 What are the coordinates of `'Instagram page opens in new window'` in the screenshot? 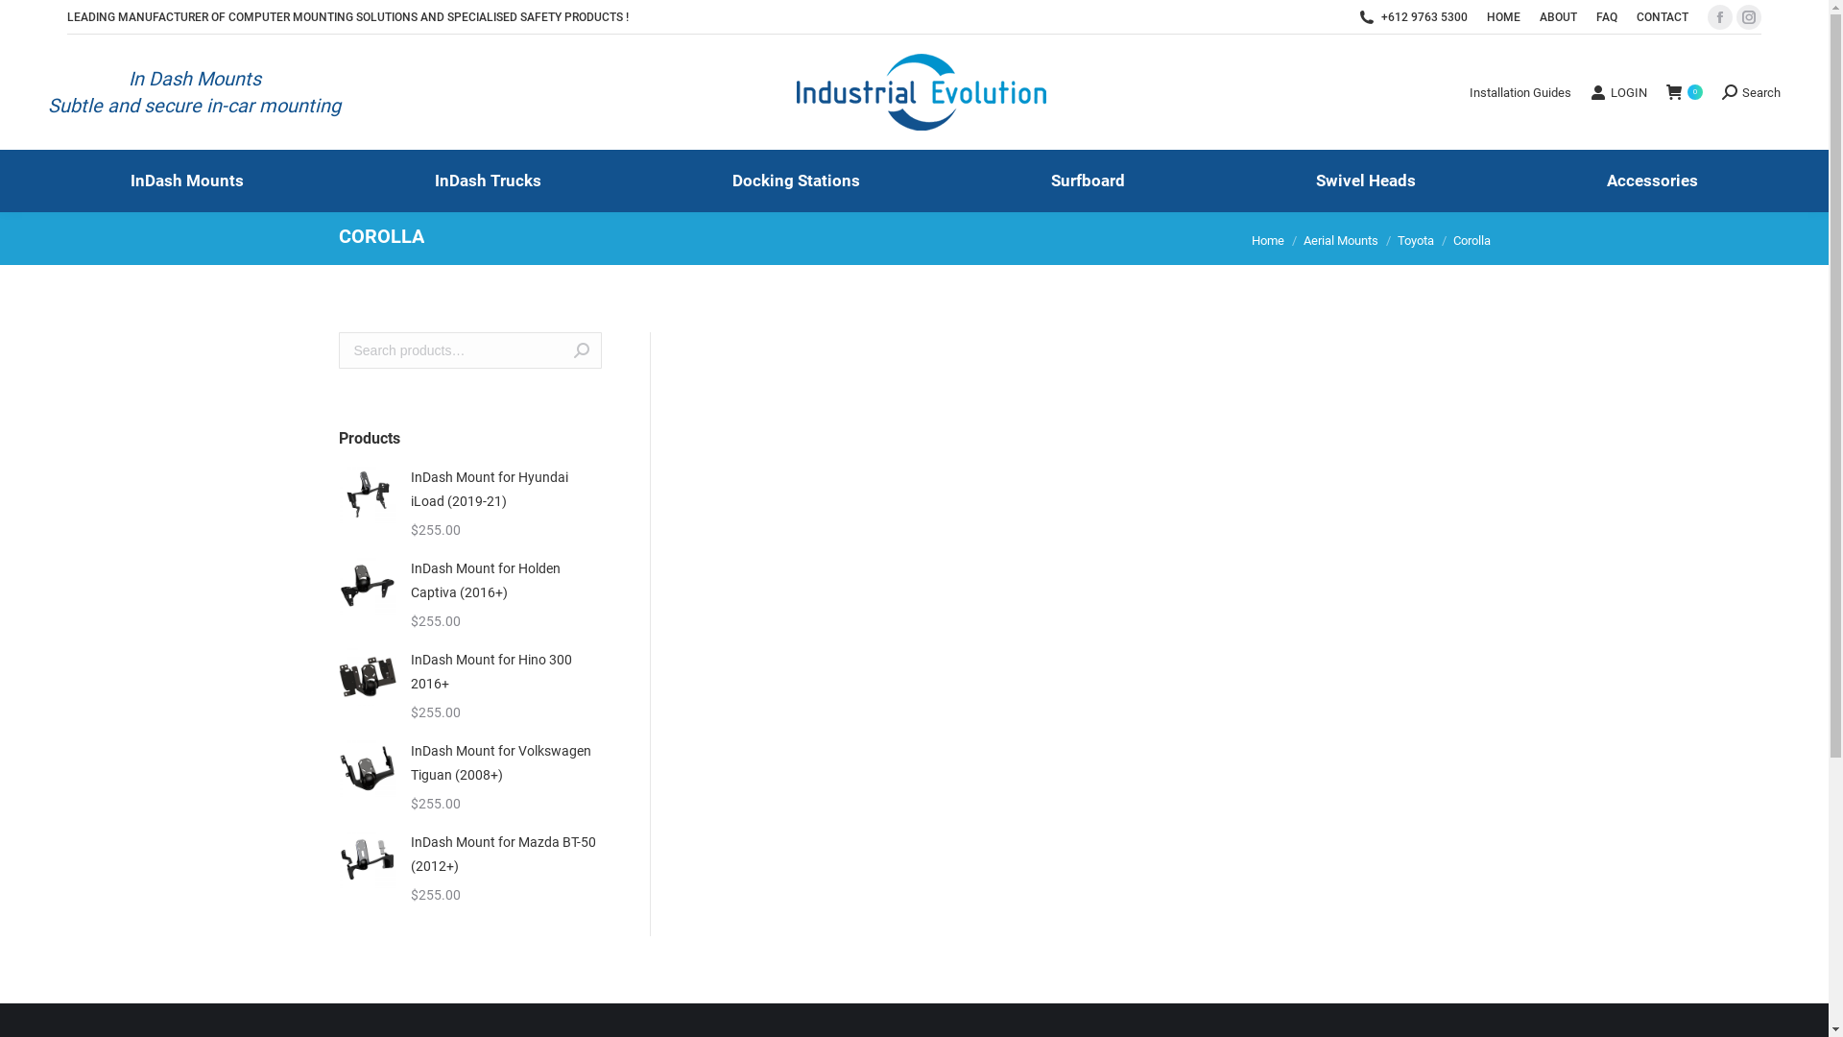 It's located at (1736, 17).